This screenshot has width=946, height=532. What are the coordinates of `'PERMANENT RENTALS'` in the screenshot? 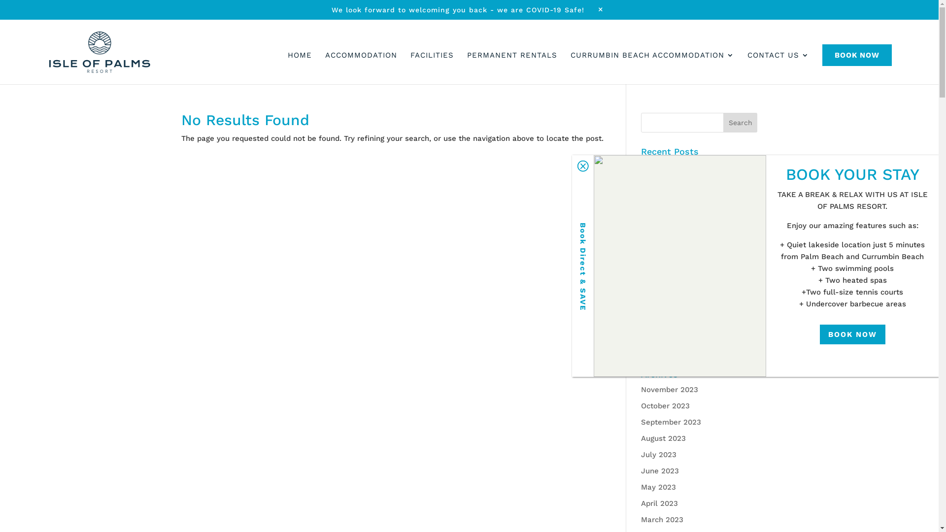 It's located at (512, 60).